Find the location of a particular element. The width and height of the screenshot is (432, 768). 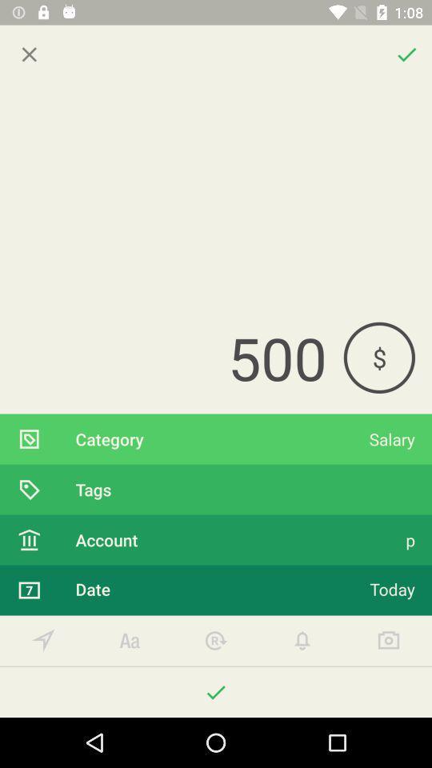

window is located at coordinates (29, 54).